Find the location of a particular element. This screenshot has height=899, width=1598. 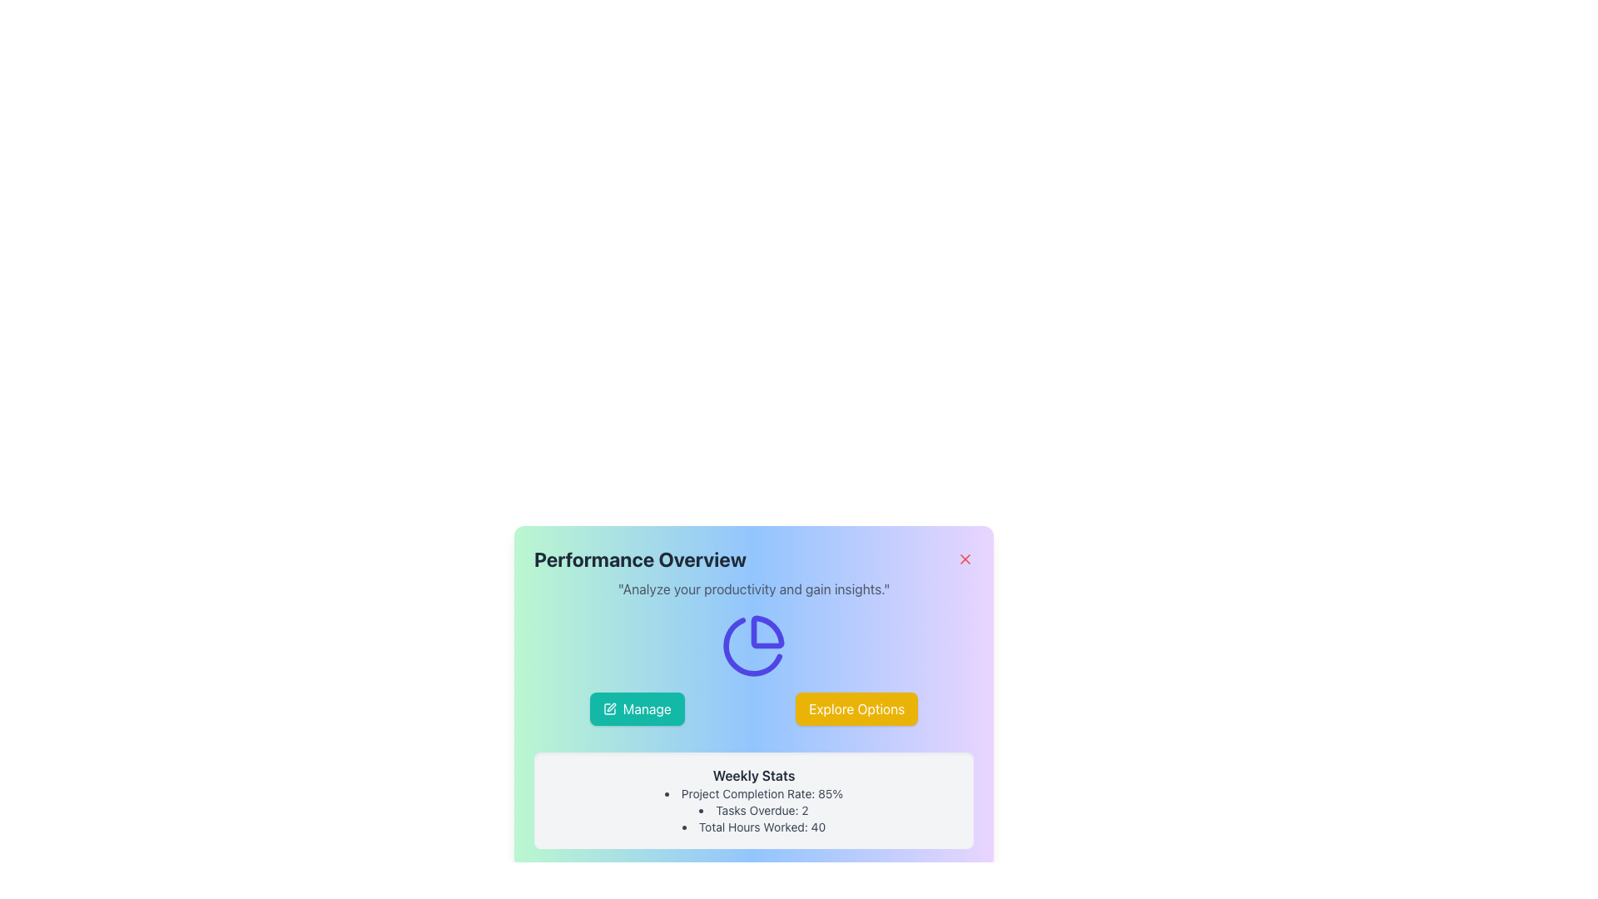

the diagonal line segment of the 'X' icon located in the top-right corner of the performance overview card section is located at coordinates (965, 559).